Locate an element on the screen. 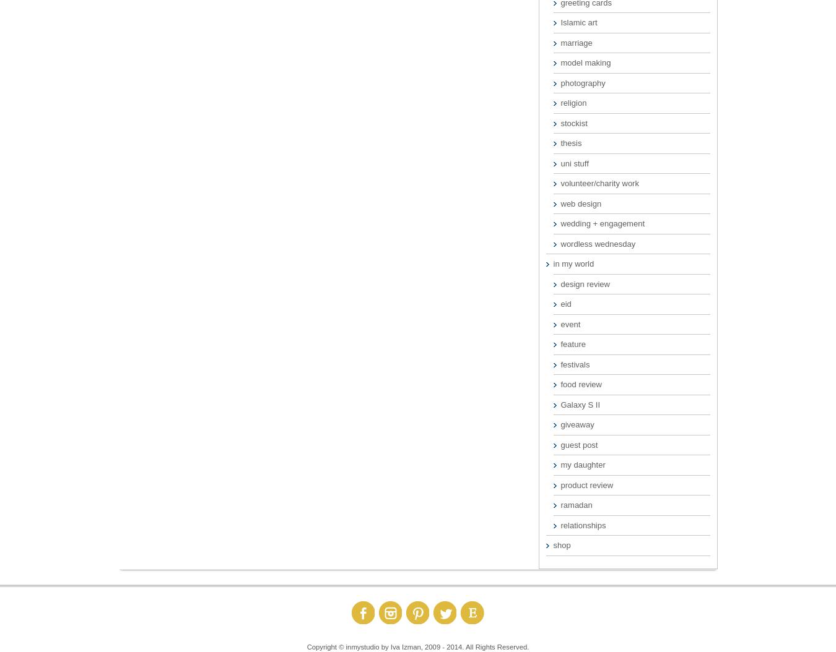 Image resolution: width=836 pixels, height=652 pixels. 'relationships' is located at coordinates (560, 525).